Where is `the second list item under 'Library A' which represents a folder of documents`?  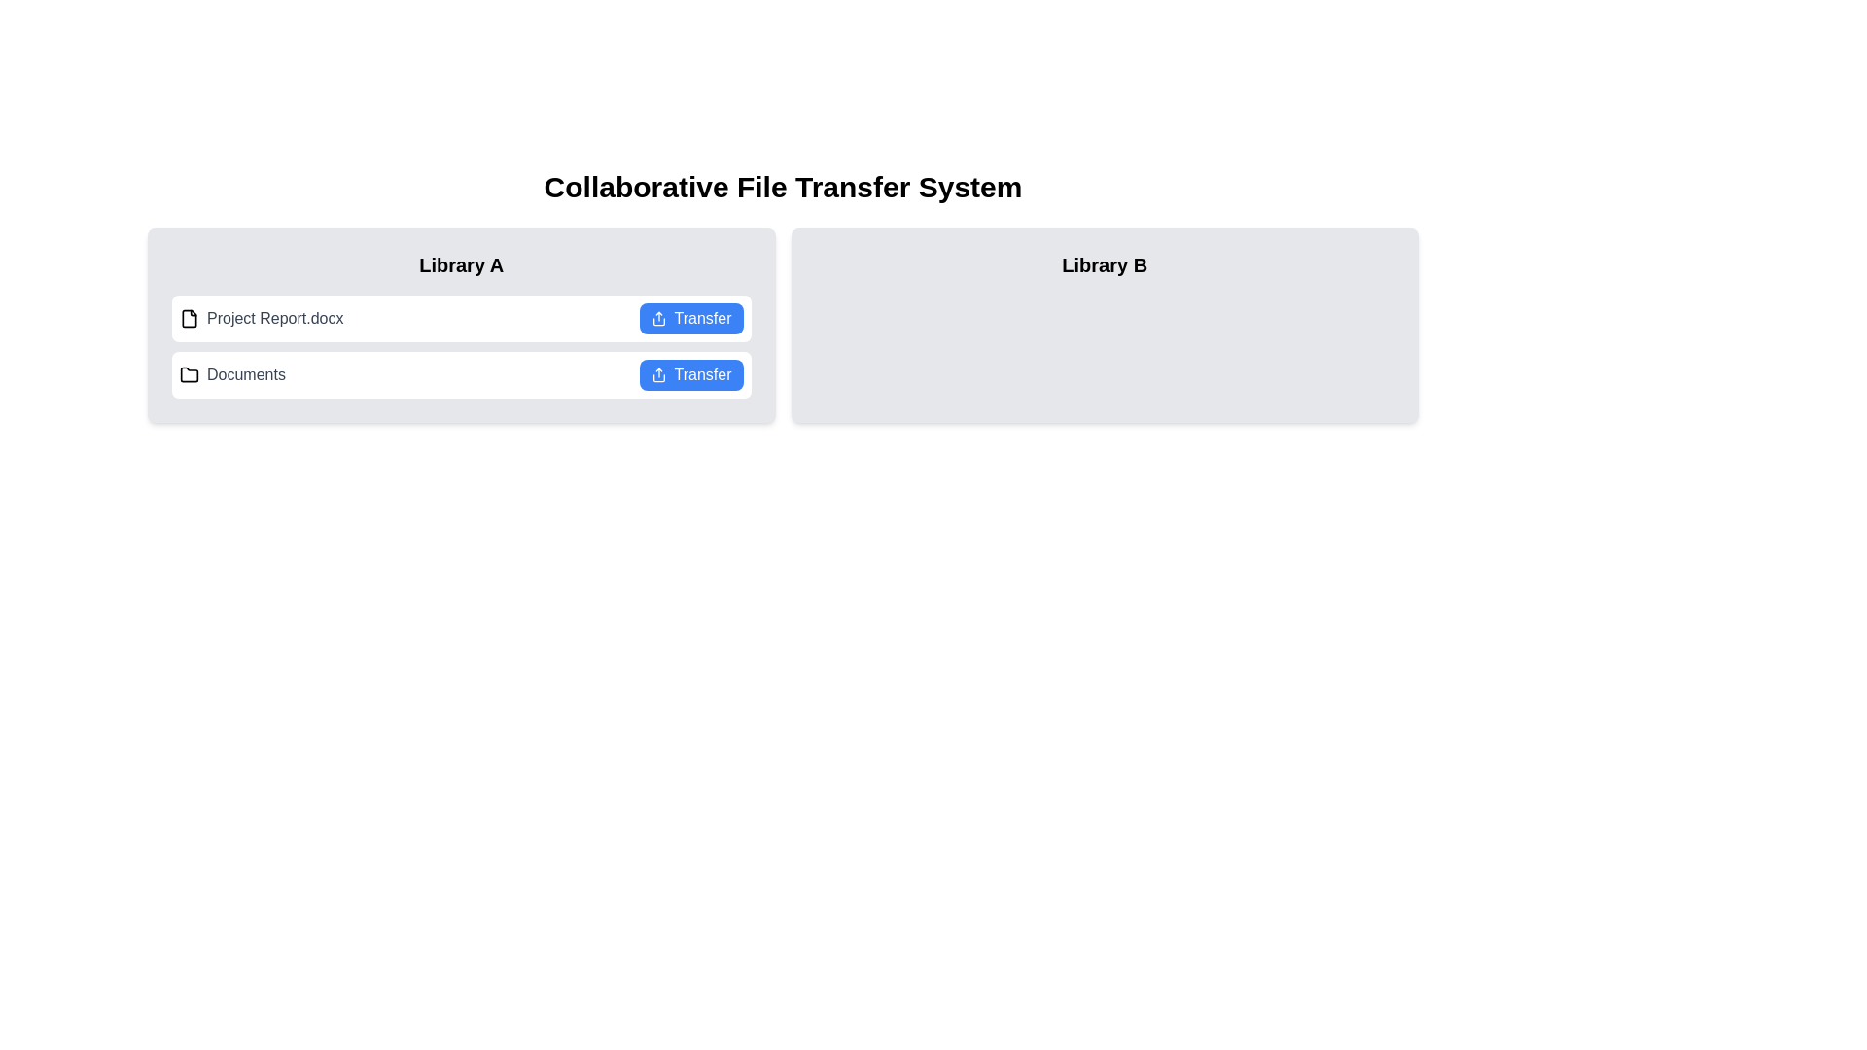 the second list item under 'Library A' which represents a folder of documents is located at coordinates (232, 374).